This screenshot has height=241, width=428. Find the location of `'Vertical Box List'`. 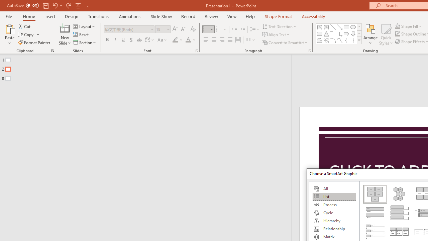

'Vertical Box List' is located at coordinates (399, 213).